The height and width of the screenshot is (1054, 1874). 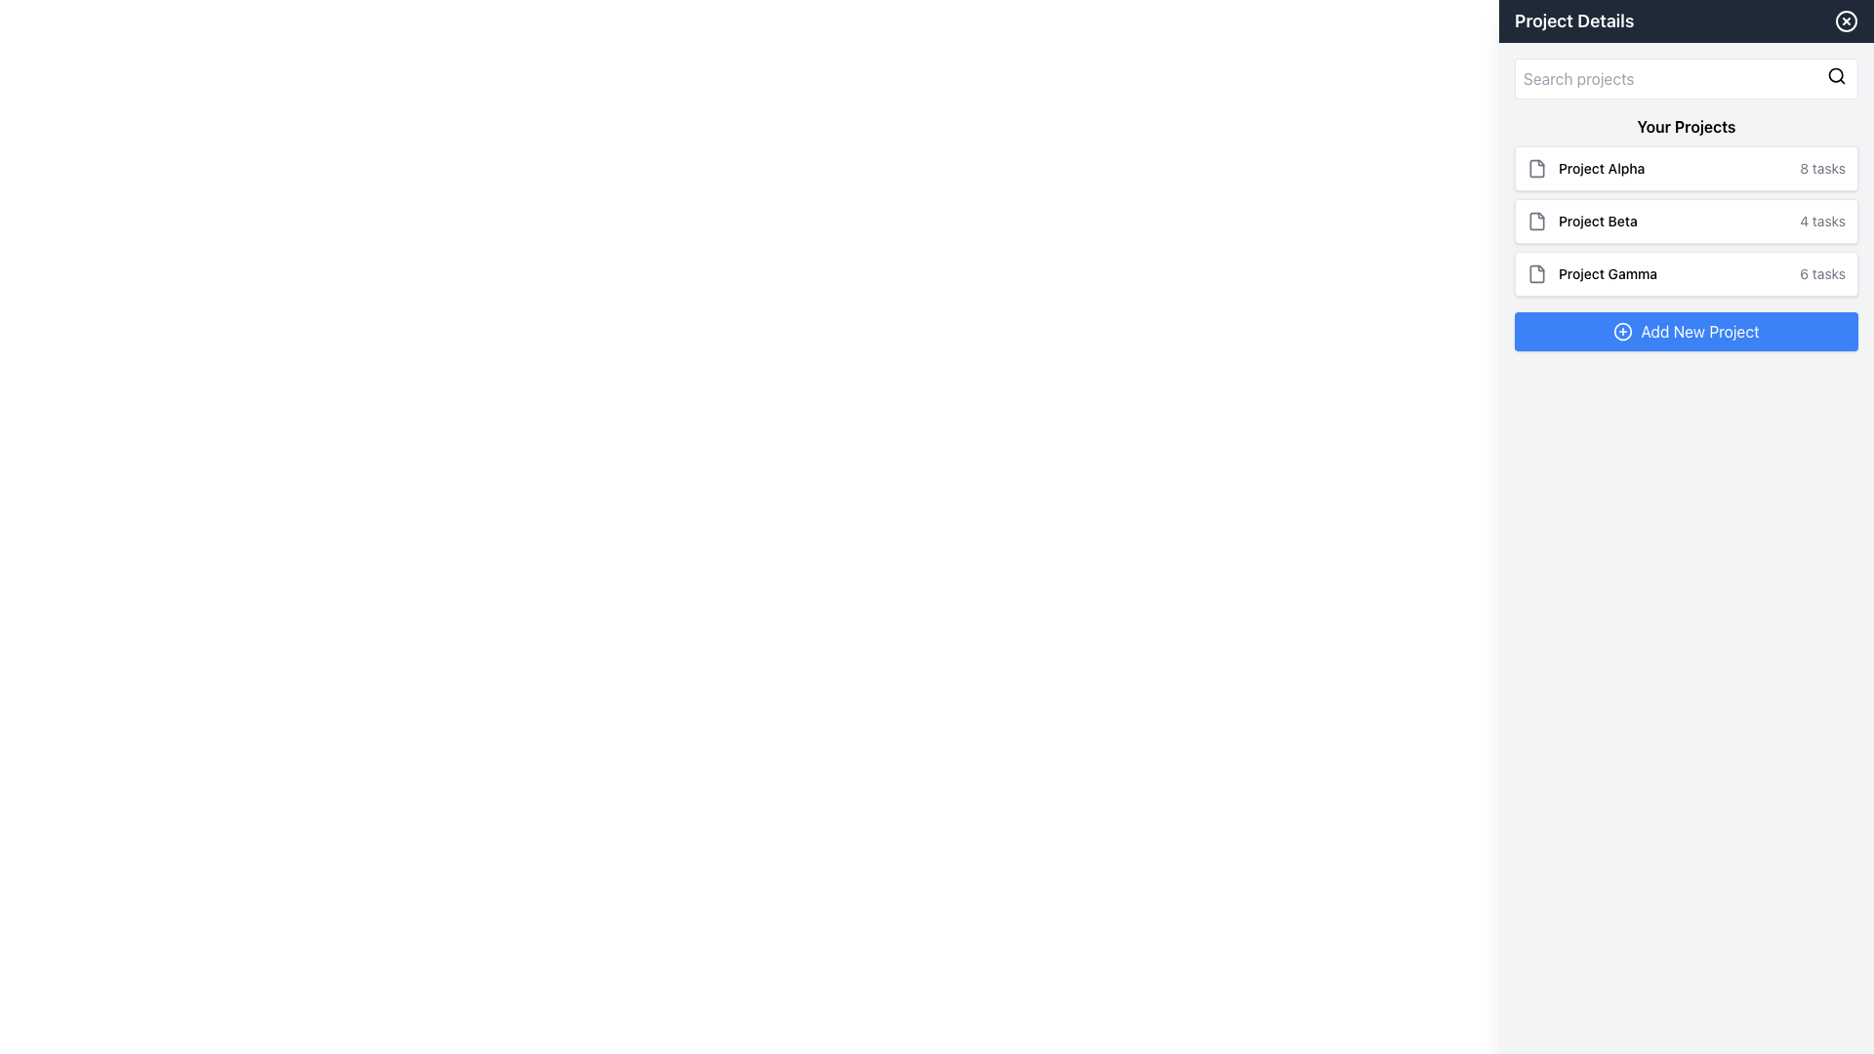 What do you see at coordinates (1835, 74) in the screenshot?
I see `the SVG Circle Element that represents the central part of the magnifying glass icon located to the right of the 'Search Projects' input field in the 'Project Details' panel` at bounding box center [1835, 74].